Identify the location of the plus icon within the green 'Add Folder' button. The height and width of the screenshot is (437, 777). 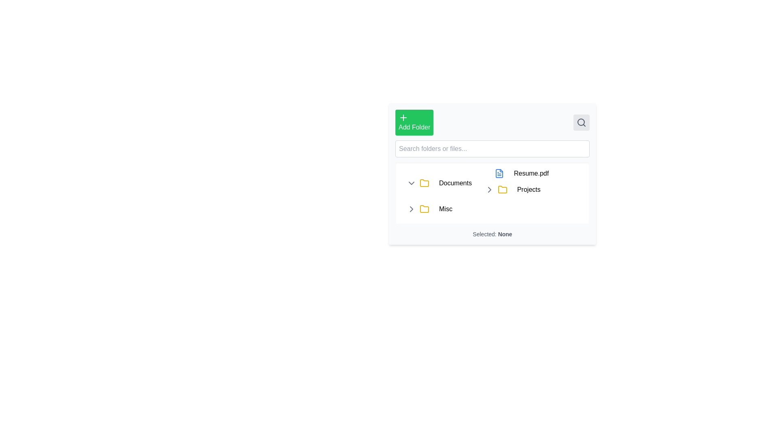
(403, 117).